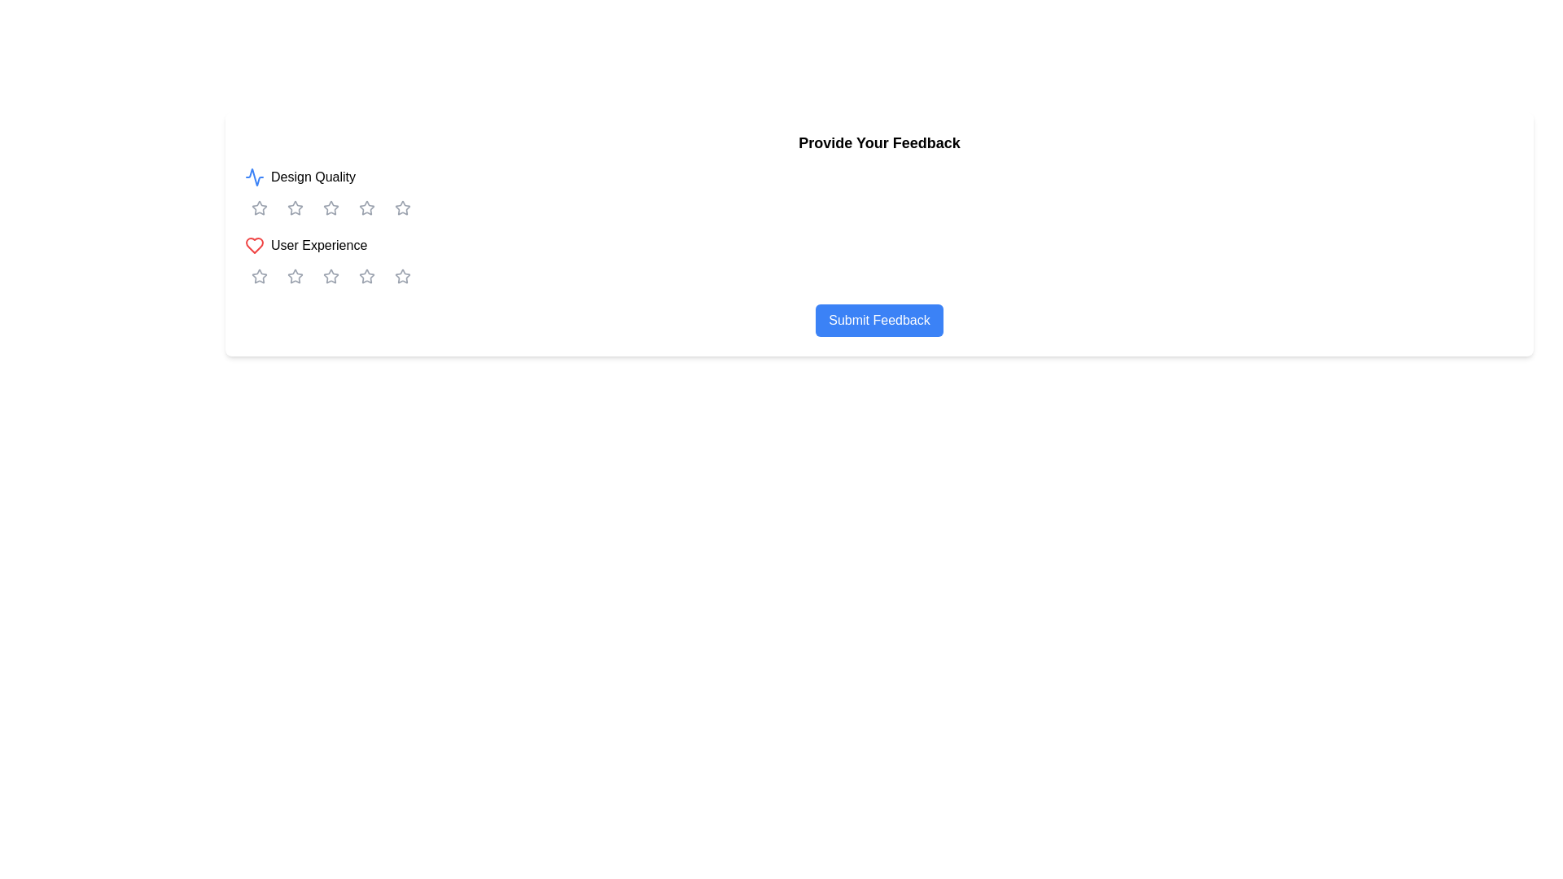 Image resolution: width=1563 pixels, height=879 pixels. I want to click on the fifth star icon for ratings under 'Design Quality' to reset the selection, so click(366, 207).